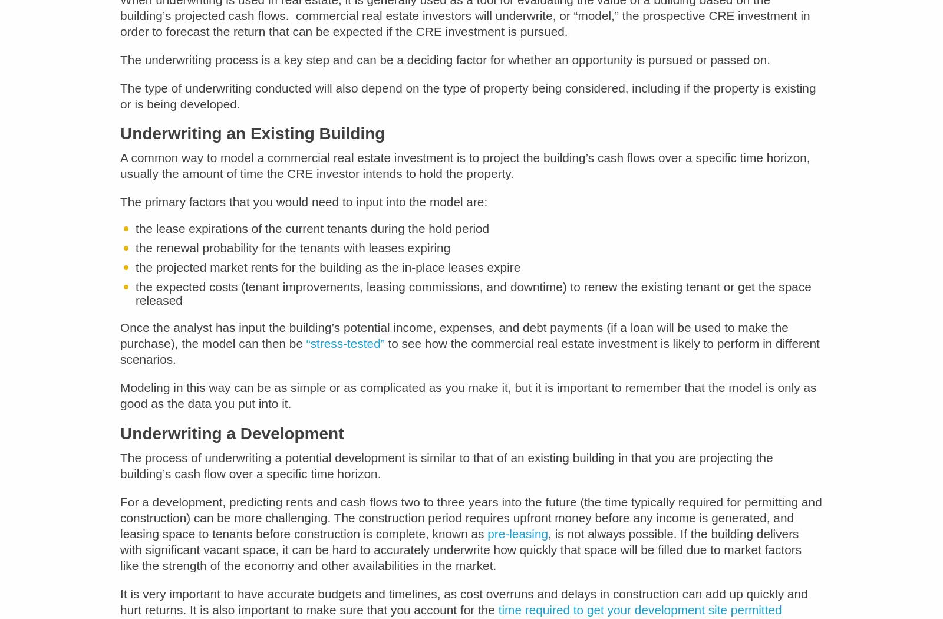 The width and height of the screenshot is (943, 619). What do you see at coordinates (446, 473) in the screenshot?
I see `'The process of underwriting a potential development is similar to that of an existing building in that you are projecting the building’s cash flow over a specific time horizon.'` at bounding box center [446, 473].